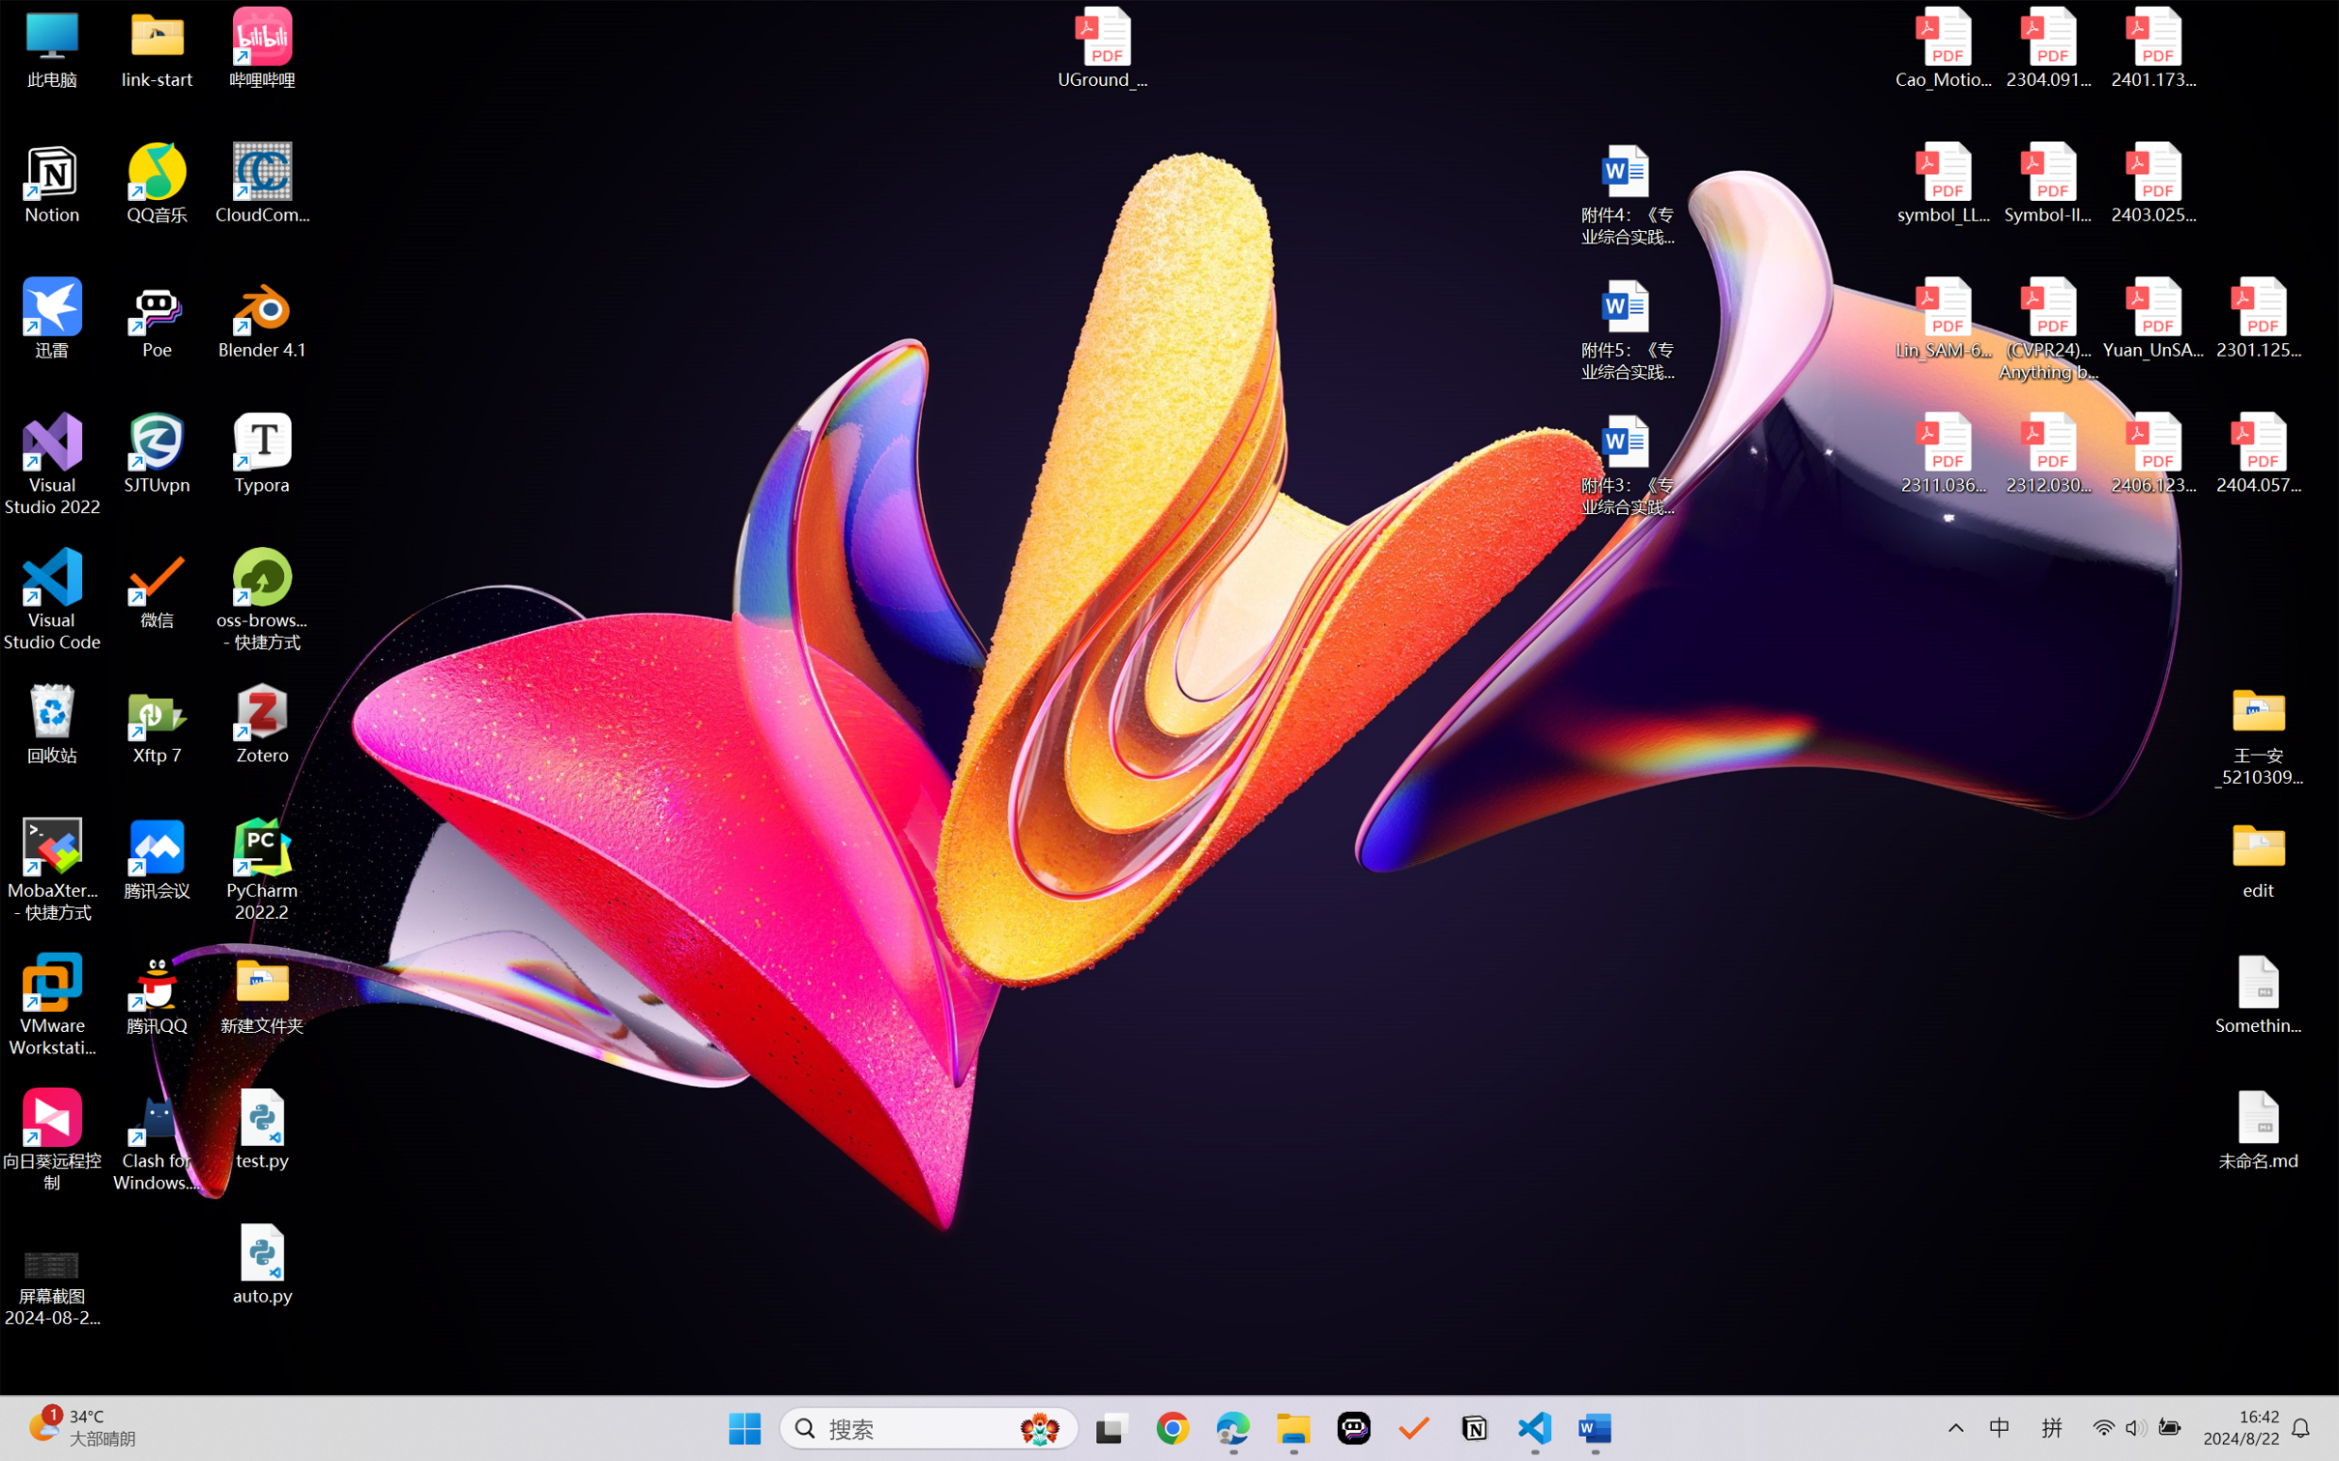  What do you see at coordinates (51, 1005) in the screenshot?
I see `'VMware Workstation Pro'` at bounding box center [51, 1005].